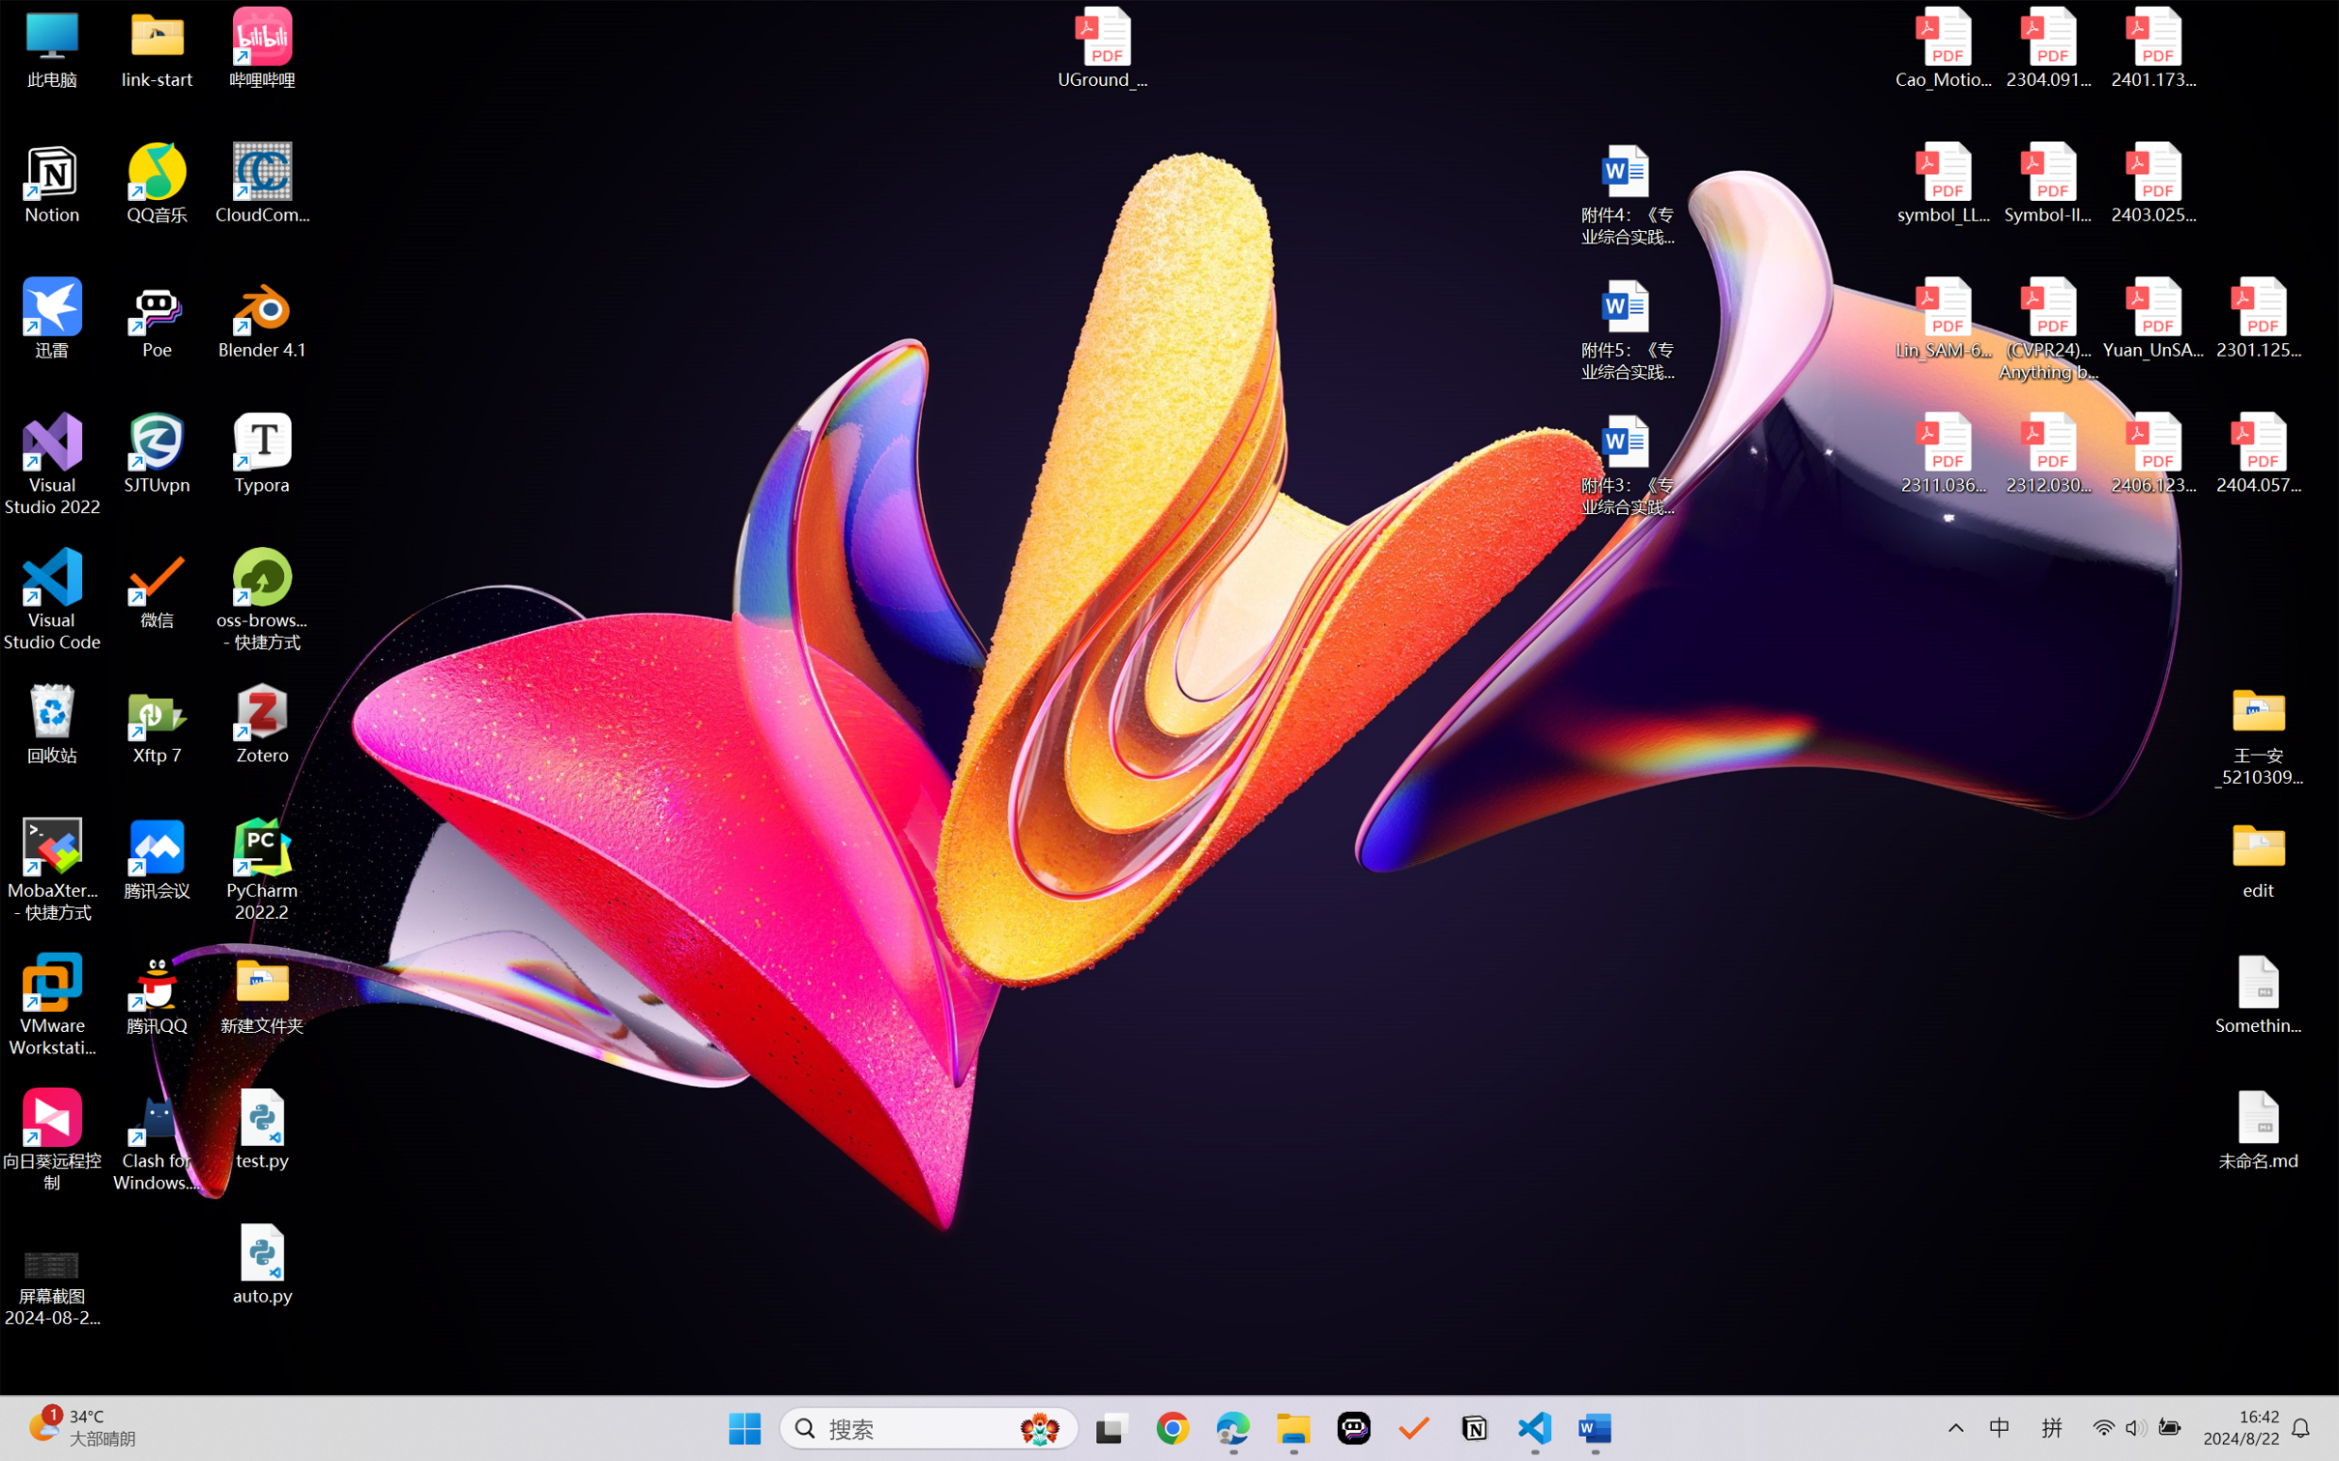  What do you see at coordinates (51, 1005) in the screenshot?
I see `'VMware Workstation Pro'` at bounding box center [51, 1005].